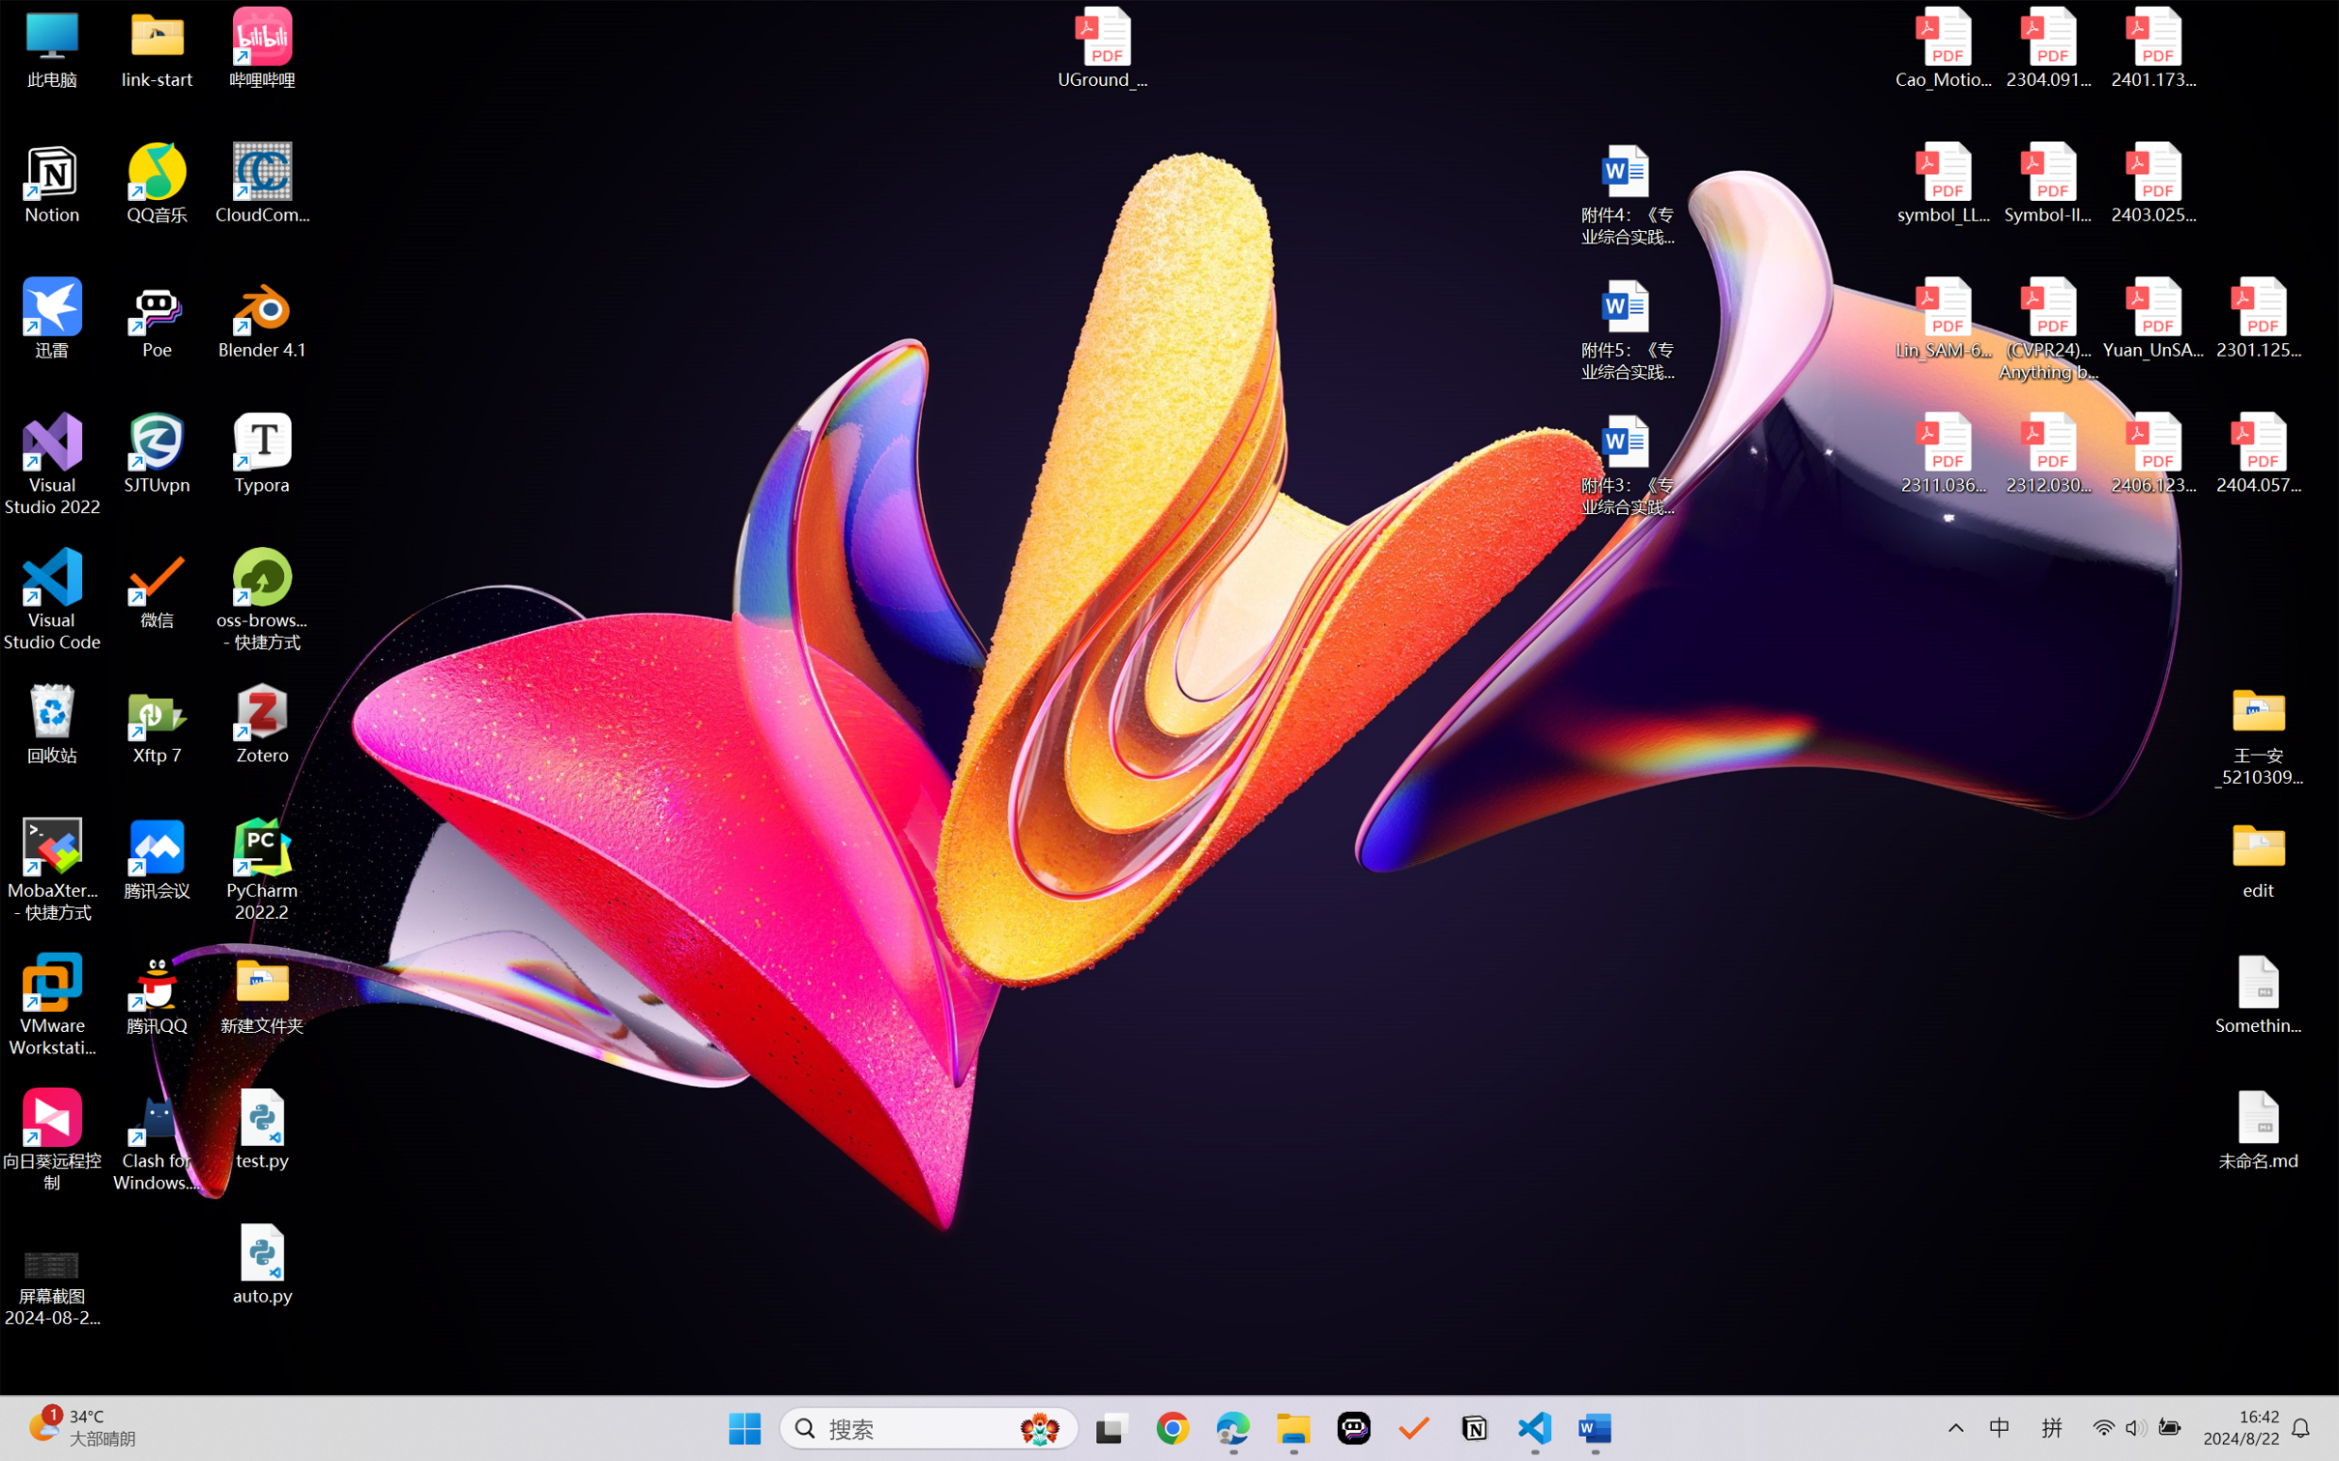  What do you see at coordinates (51, 1005) in the screenshot?
I see `'VMware Workstation Pro'` at bounding box center [51, 1005].